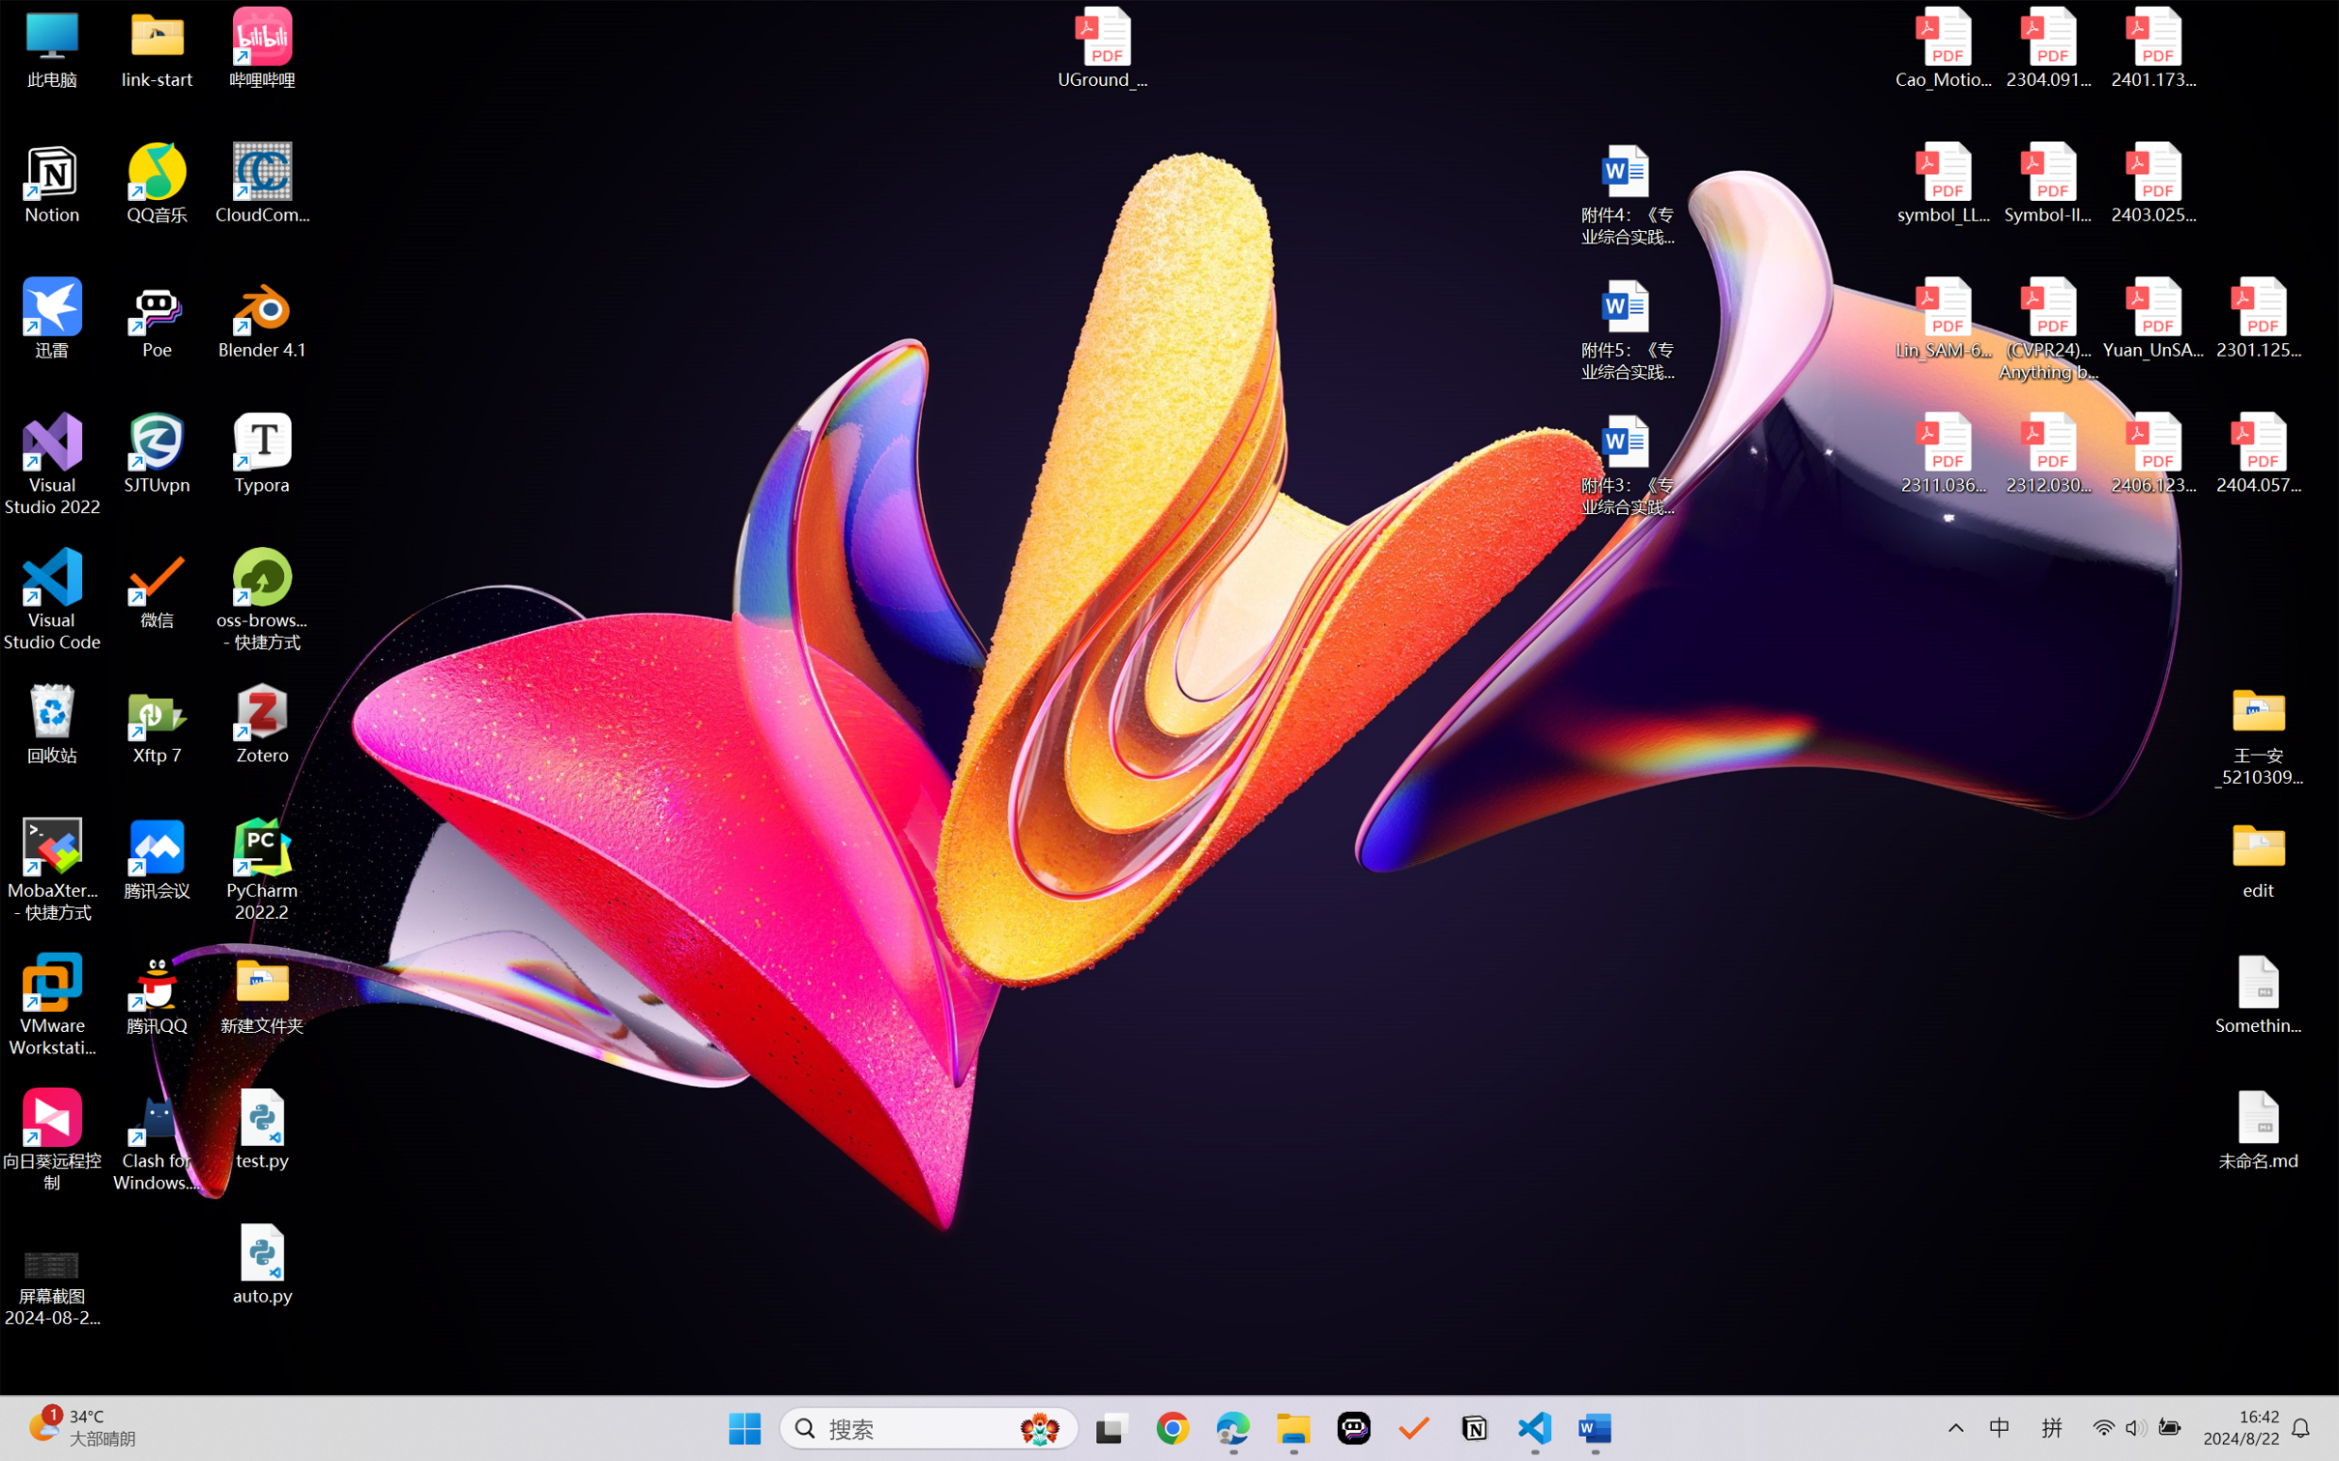  What do you see at coordinates (51, 1005) in the screenshot?
I see `'VMware Workstation Pro'` at bounding box center [51, 1005].